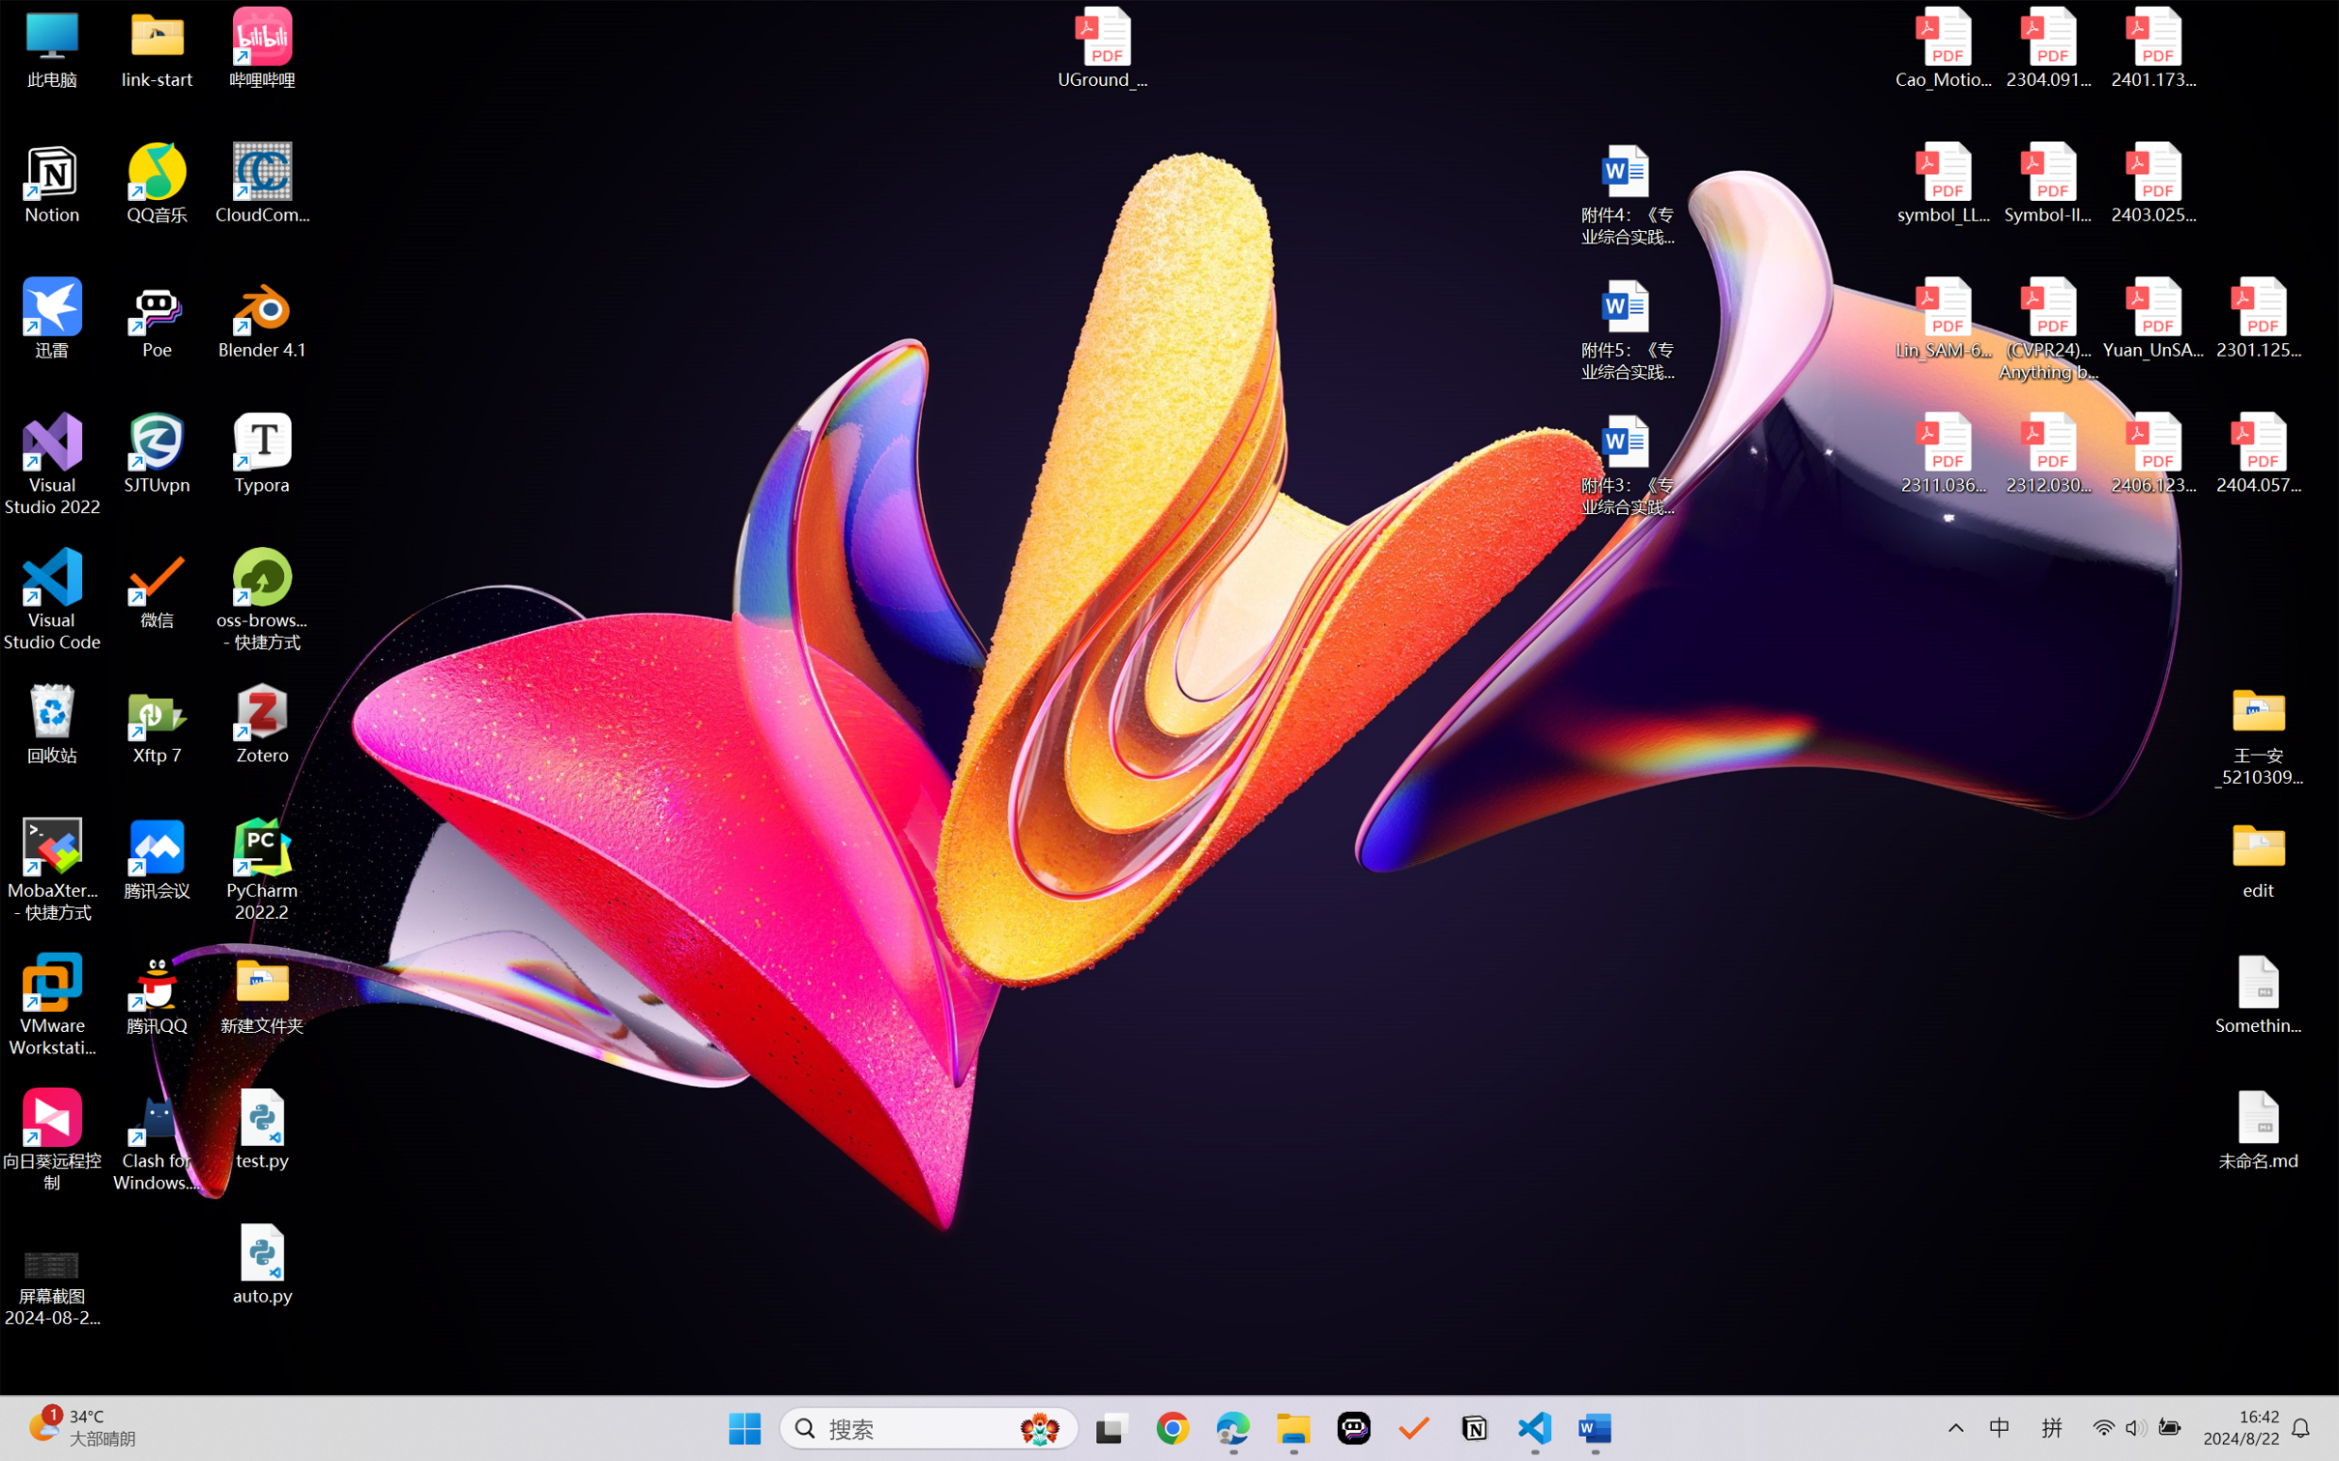  What do you see at coordinates (51, 1005) in the screenshot?
I see `'VMware Workstation Pro'` at bounding box center [51, 1005].